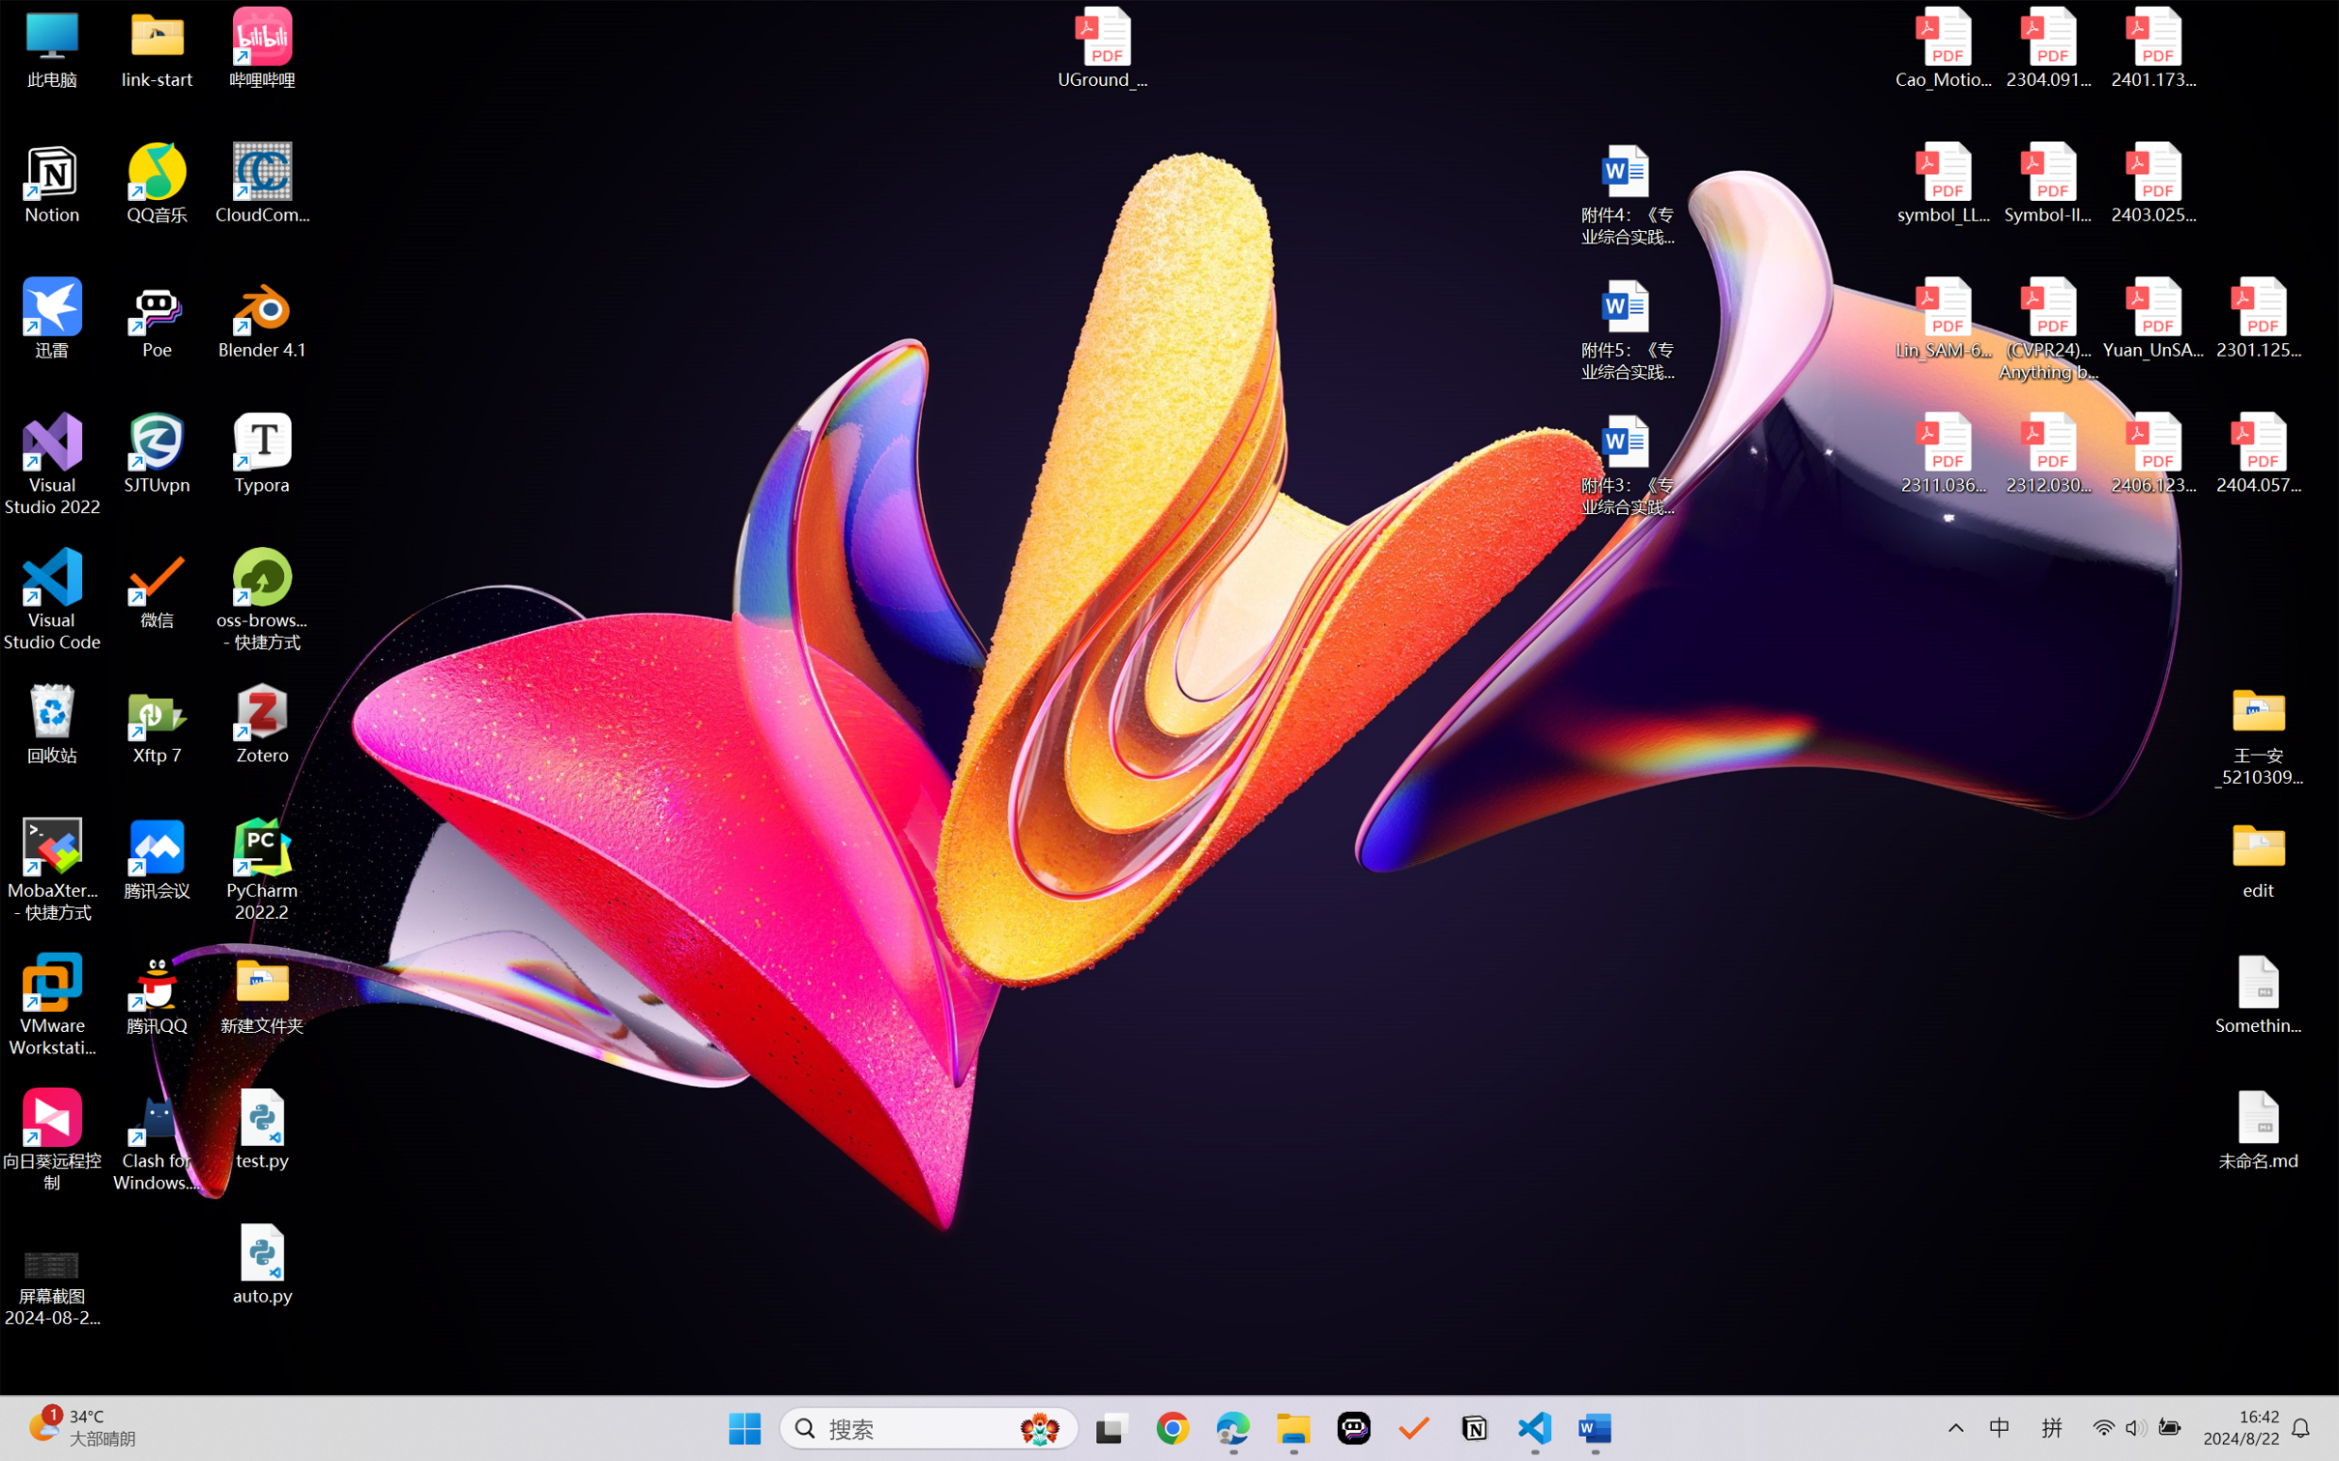  What do you see at coordinates (51, 1005) in the screenshot?
I see `'VMware Workstation Pro'` at bounding box center [51, 1005].